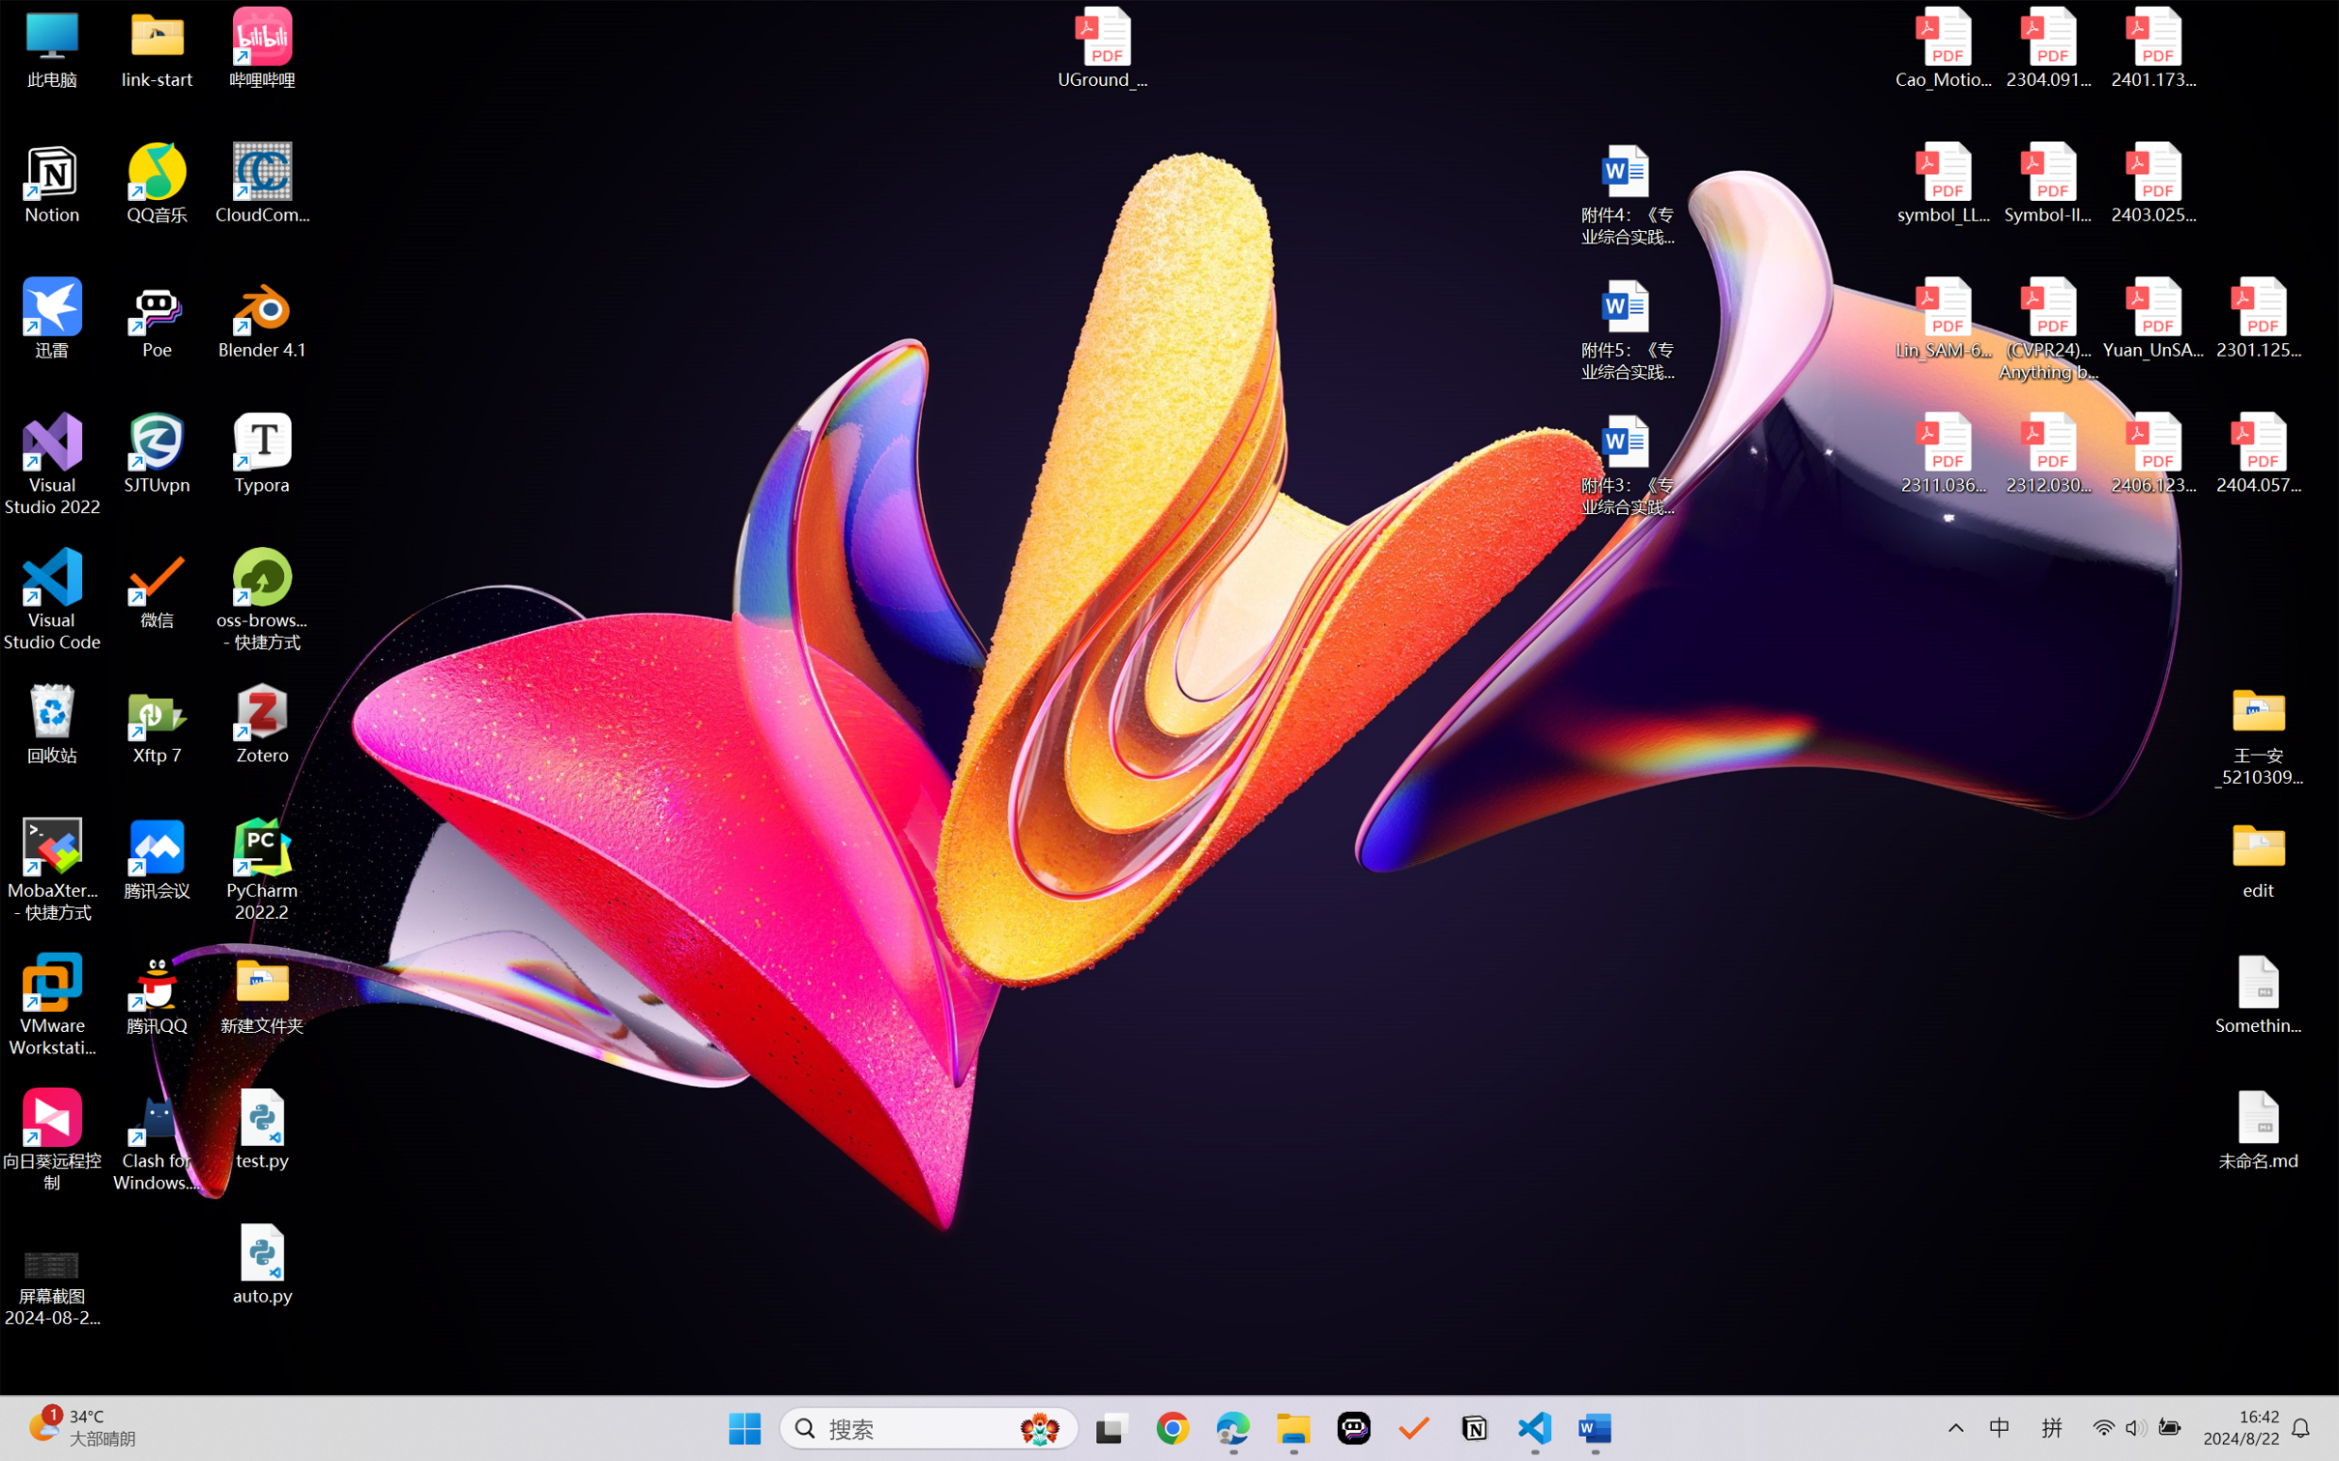  What do you see at coordinates (51, 1005) in the screenshot?
I see `'VMware Workstation Pro'` at bounding box center [51, 1005].